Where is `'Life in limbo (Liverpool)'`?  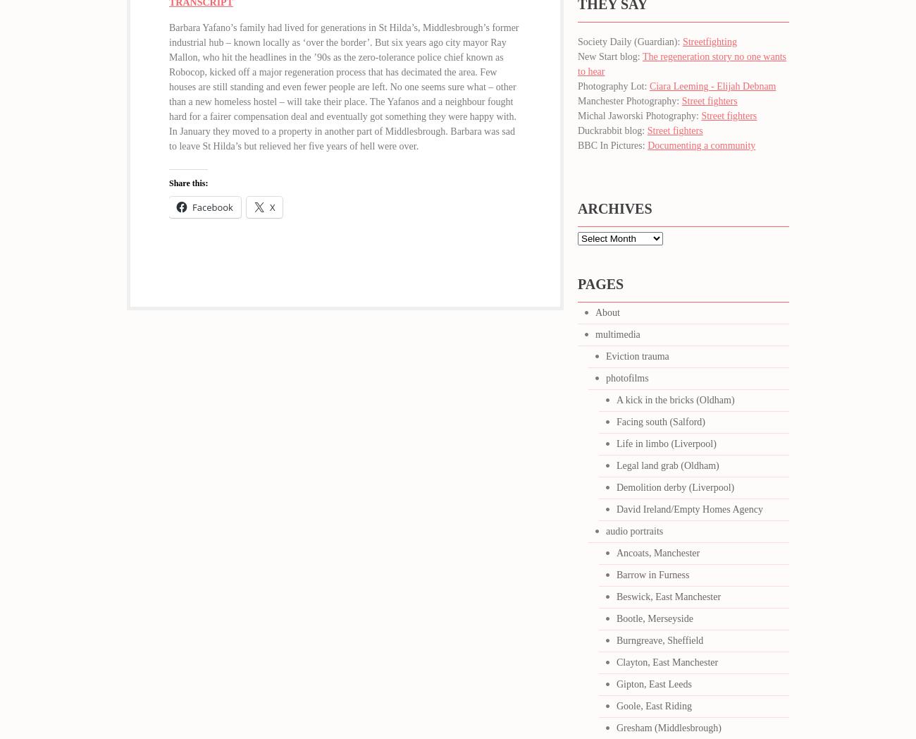
'Life in limbo (Liverpool)' is located at coordinates (666, 443).